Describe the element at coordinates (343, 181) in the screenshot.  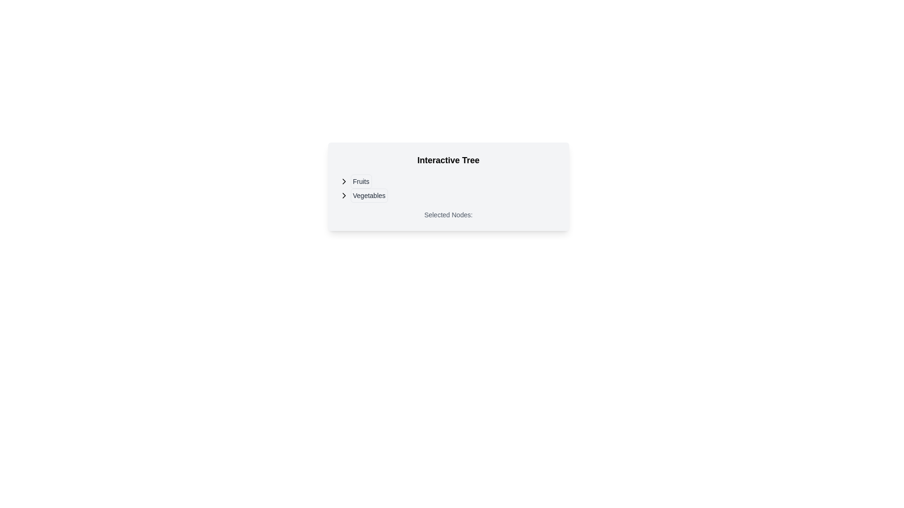
I see `the arrow icon located on the leftmost side of the row containing the text 'Fruits'` at that location.